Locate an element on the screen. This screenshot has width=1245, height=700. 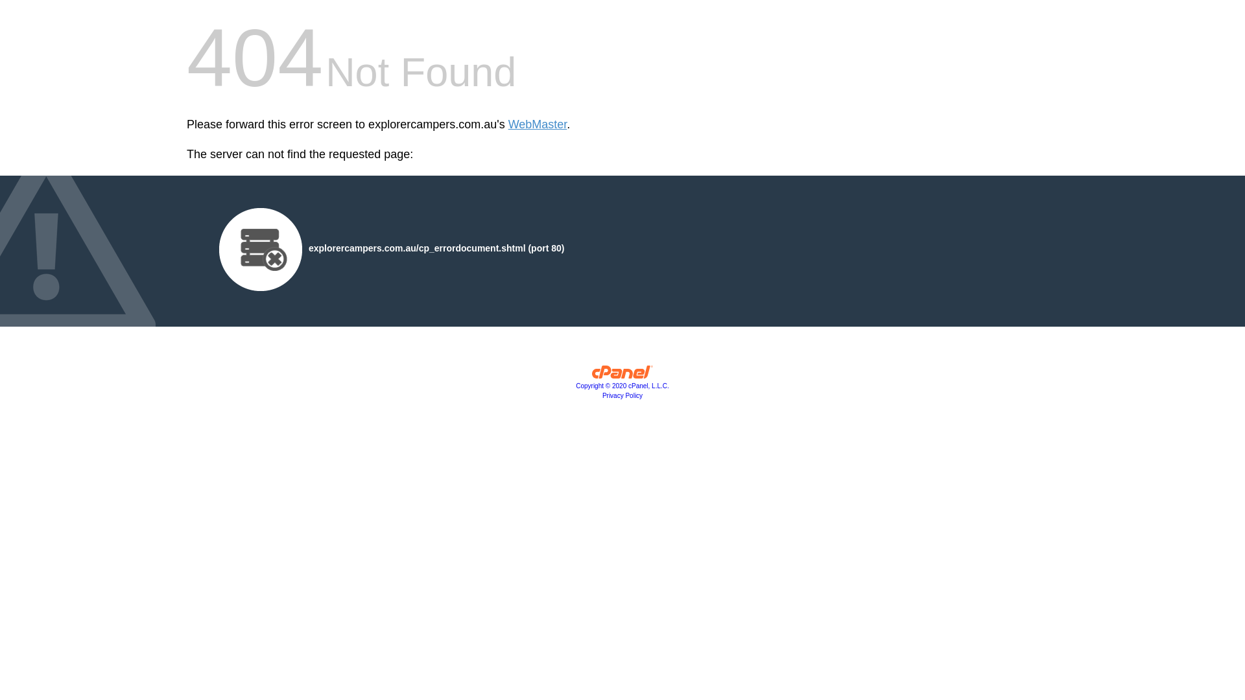
'Privacy Policy' is located at coordinates (602, 395).